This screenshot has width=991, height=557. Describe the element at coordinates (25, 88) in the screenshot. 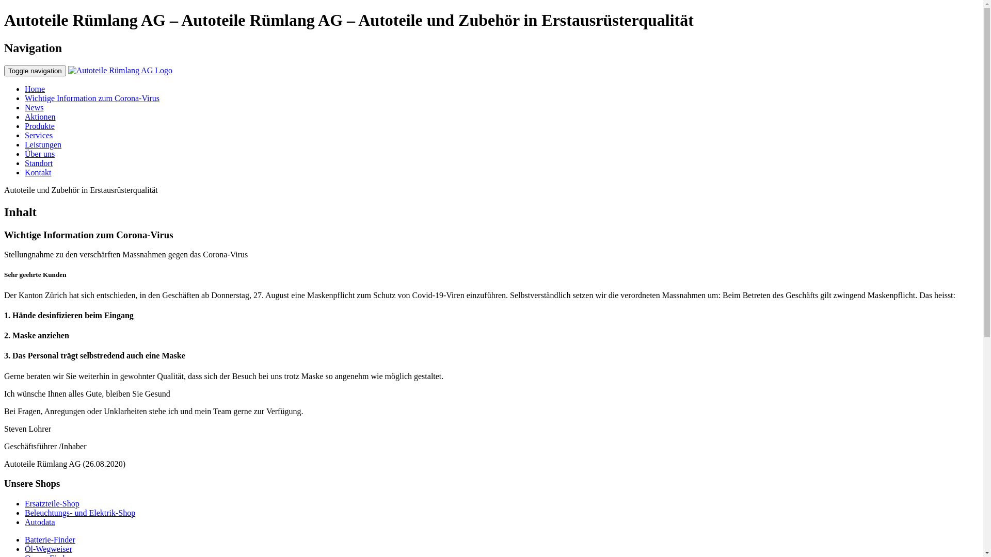

I see `'Home'` at that location.